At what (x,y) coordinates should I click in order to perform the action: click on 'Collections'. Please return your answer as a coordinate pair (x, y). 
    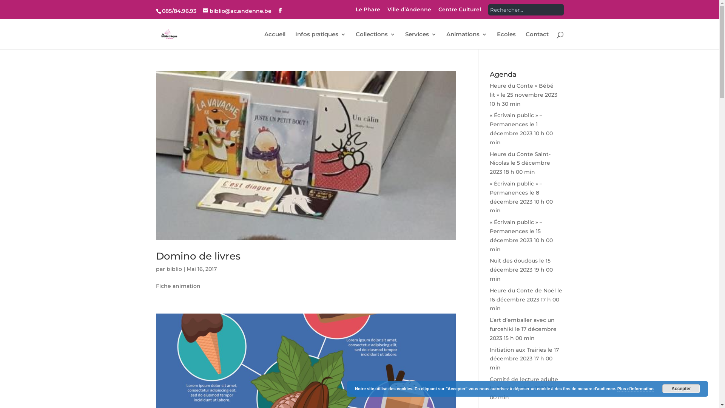
    Looking at the image, I should click on (375, 40).